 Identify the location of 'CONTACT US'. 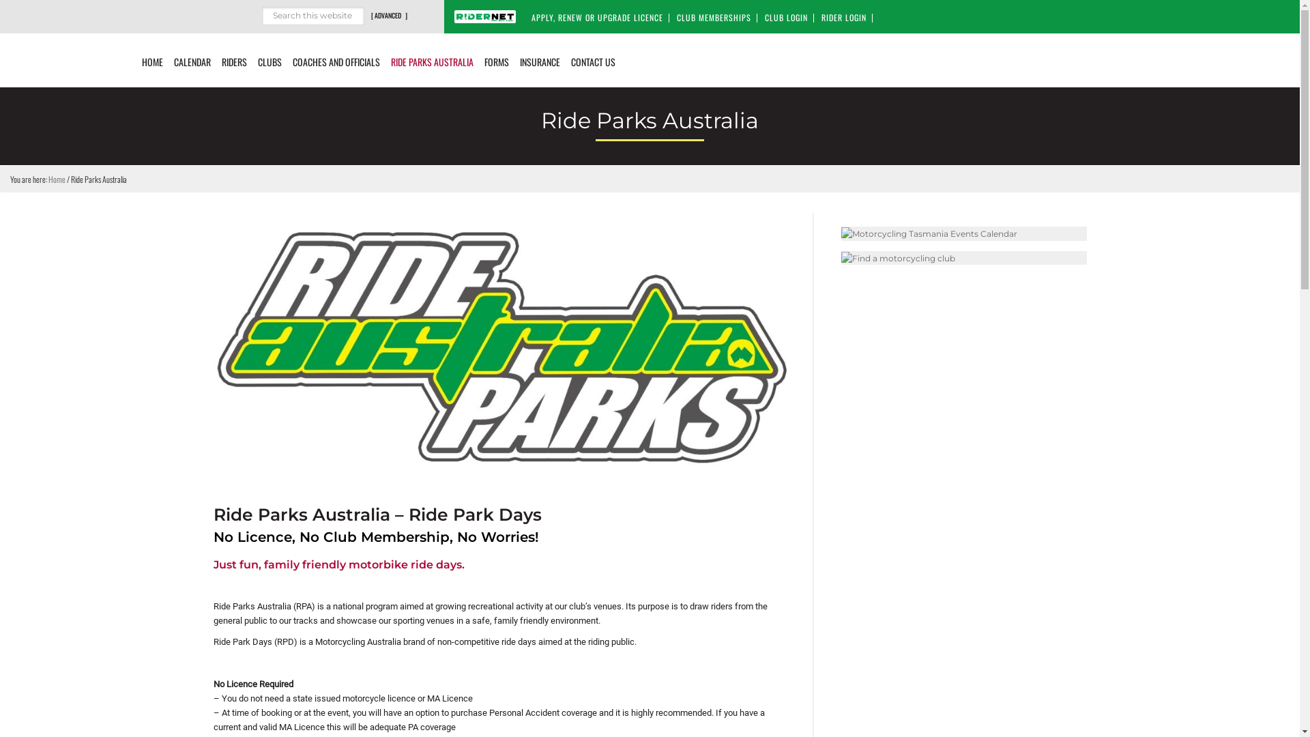
(593, 59).